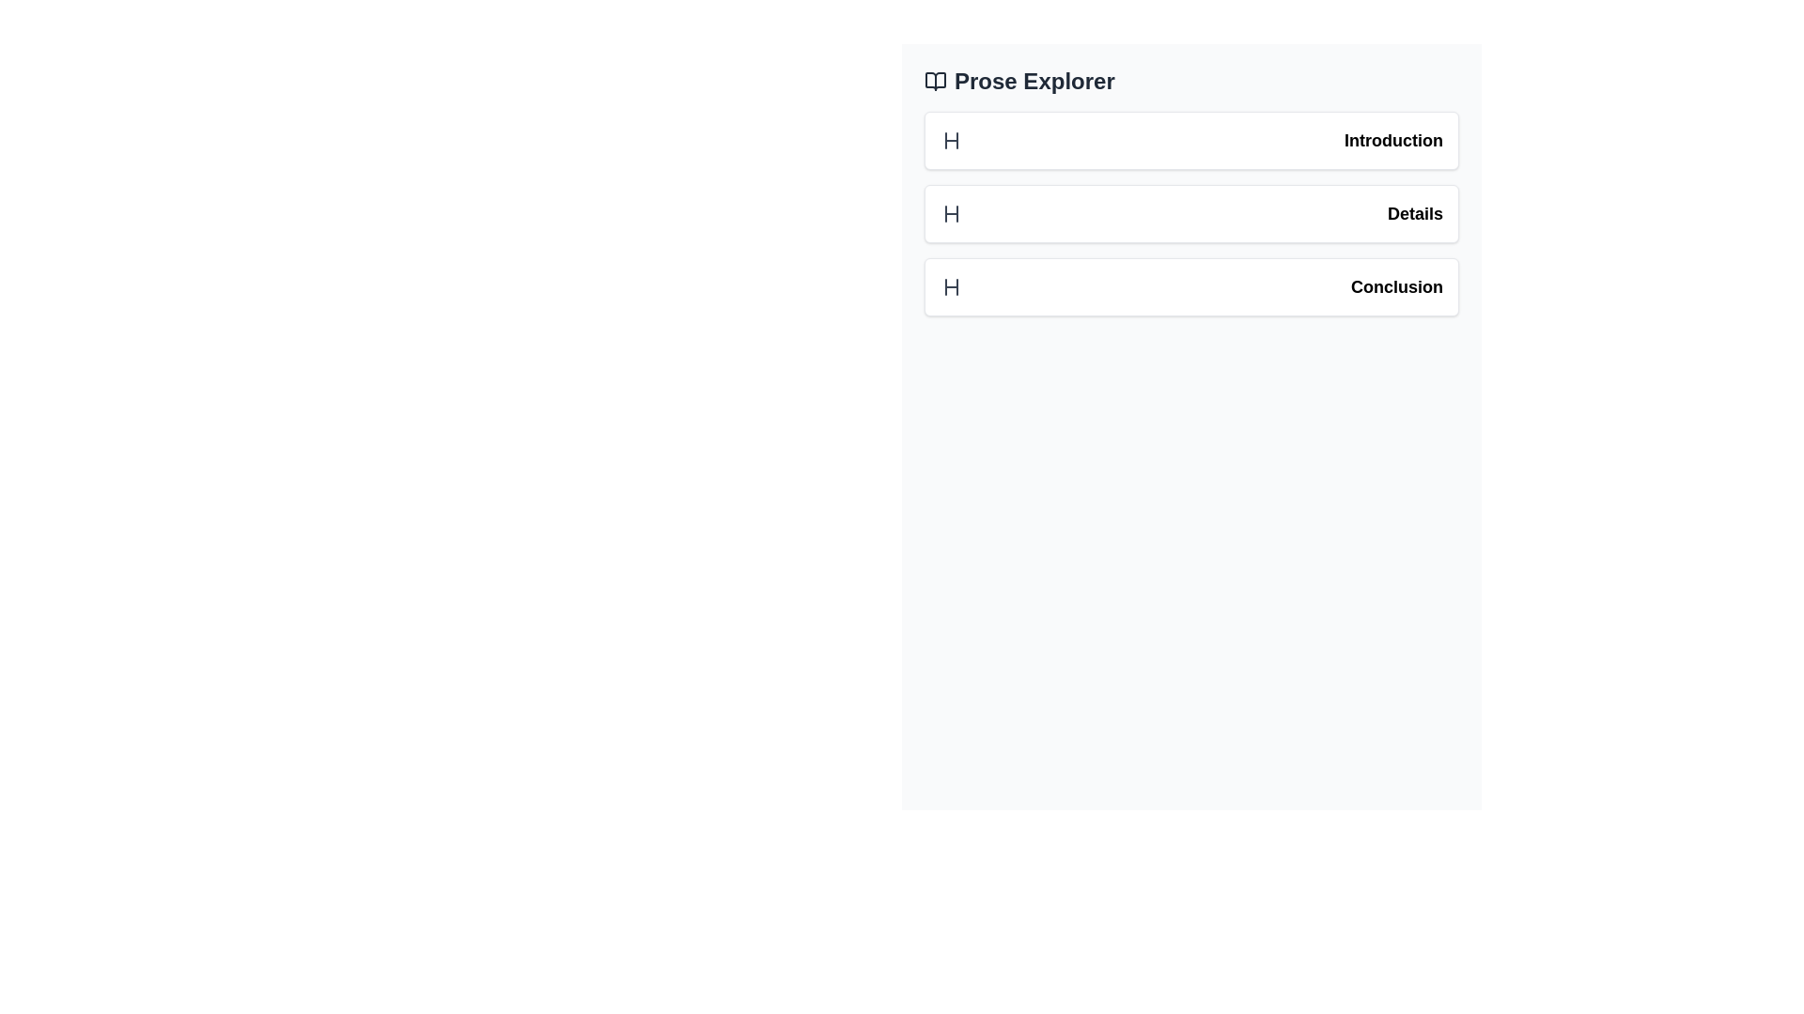 This screenshot has height=1014, width=1804. I want to click on the small SVG icon resembling a stylized letter 'H' located to the left of the text label 'Introduction', so click(951, 140).